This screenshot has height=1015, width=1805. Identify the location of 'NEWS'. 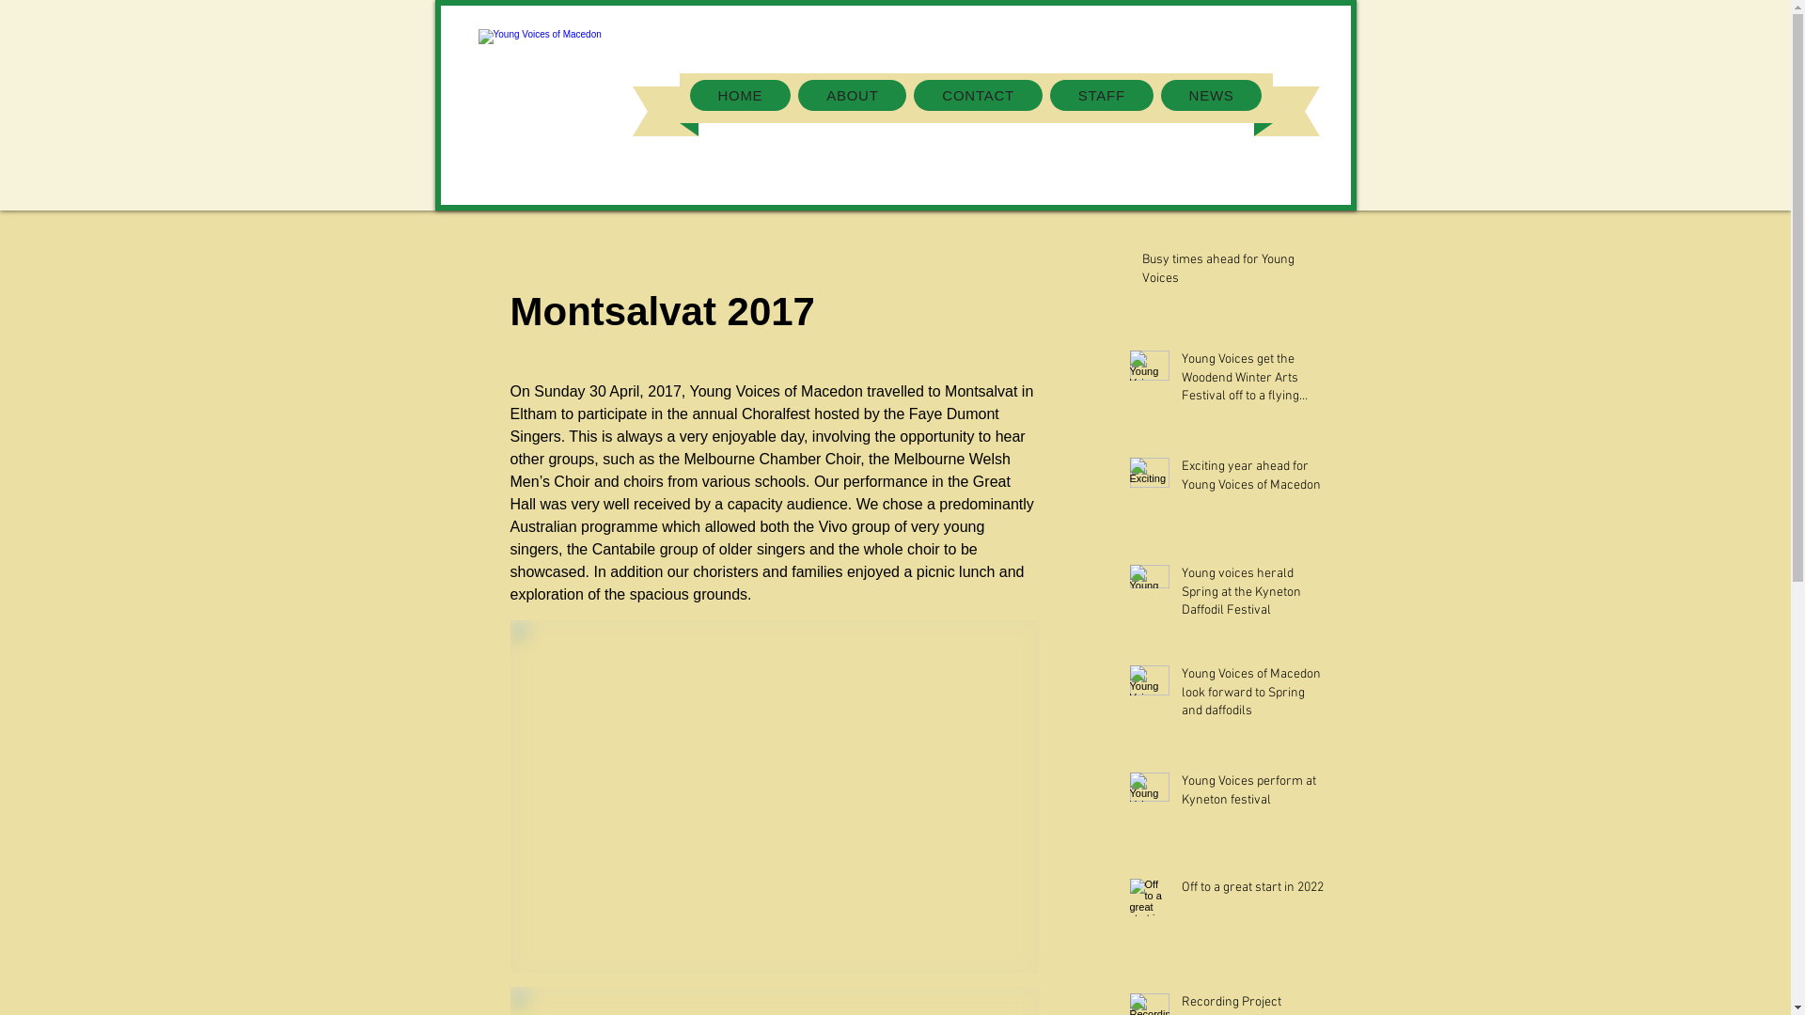
(1212, 95).